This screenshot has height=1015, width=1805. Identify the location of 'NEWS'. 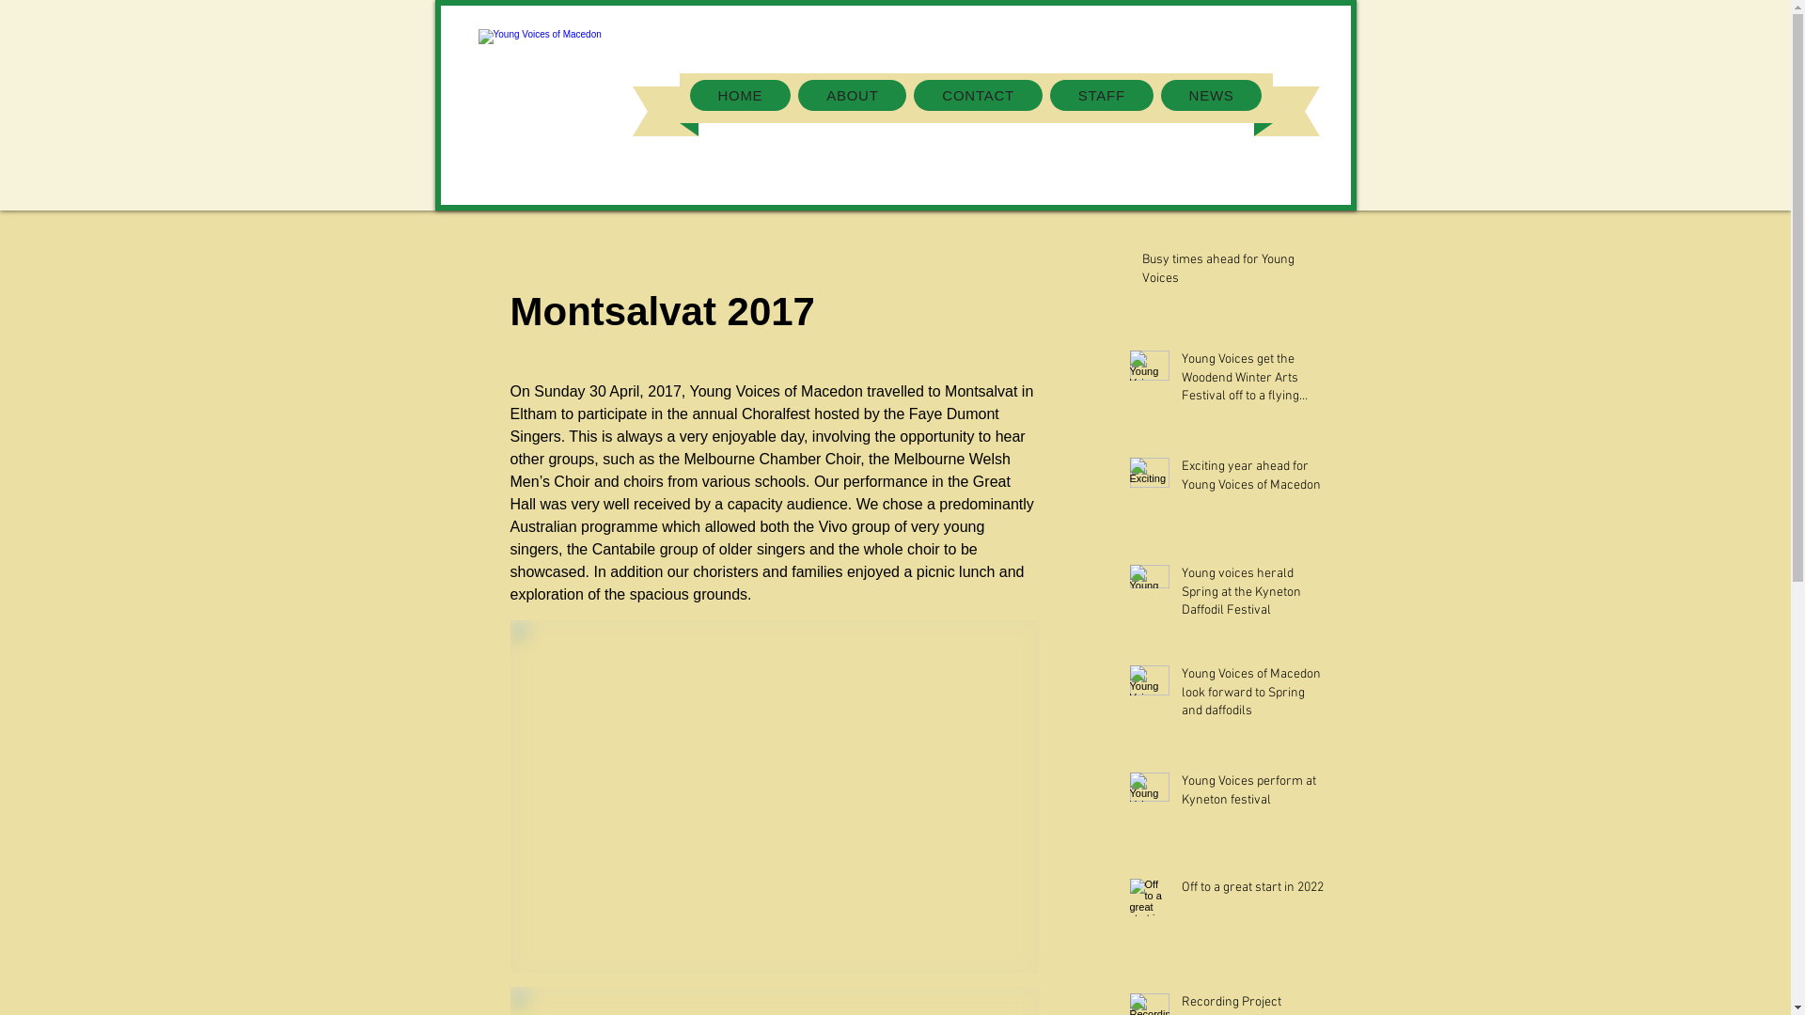
(1212, 95).